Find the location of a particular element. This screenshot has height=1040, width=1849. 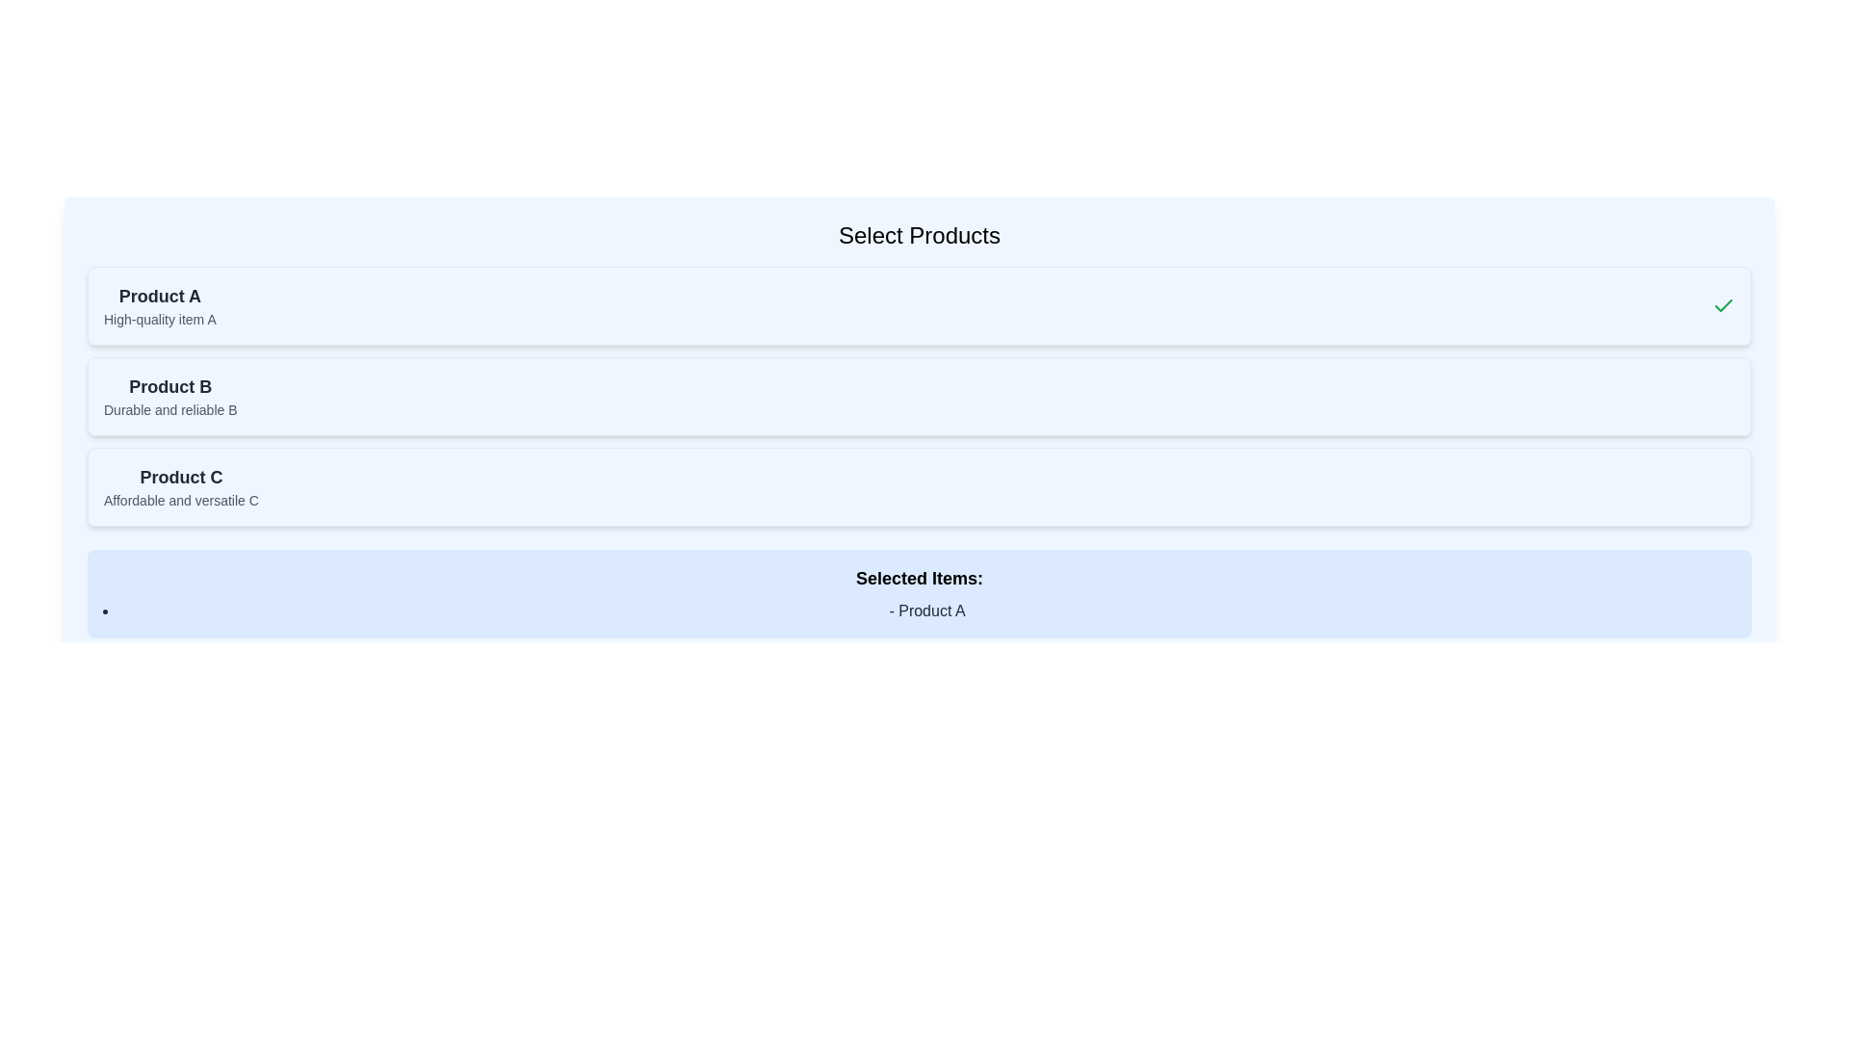

the header text element displaying 'Select Products', which is styled with a large font and bold weight, located at the top center of the section with a light blue background is located at coordinates (919, 235).